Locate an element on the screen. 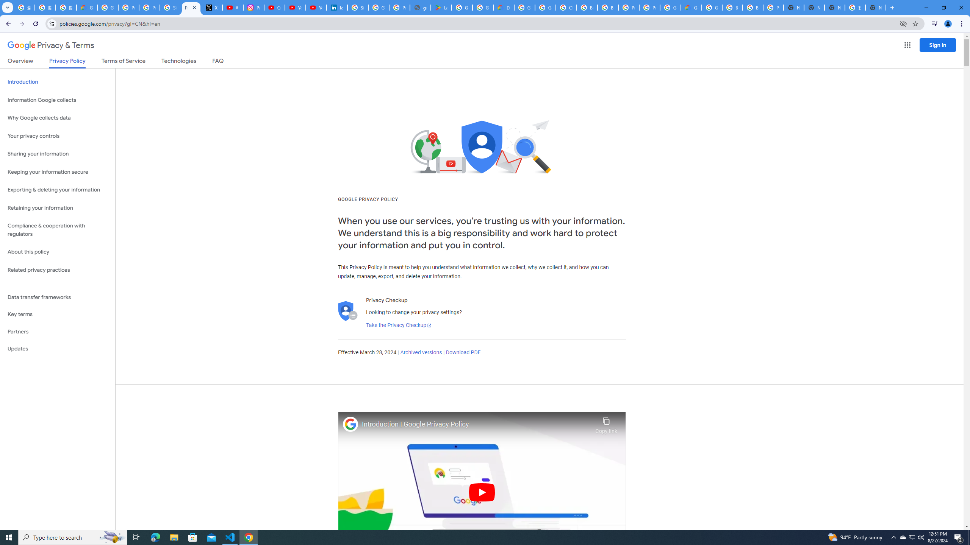 The height and width of the screenshot is (545, 970). 'New Tab' is located at coordinates (793, 7).